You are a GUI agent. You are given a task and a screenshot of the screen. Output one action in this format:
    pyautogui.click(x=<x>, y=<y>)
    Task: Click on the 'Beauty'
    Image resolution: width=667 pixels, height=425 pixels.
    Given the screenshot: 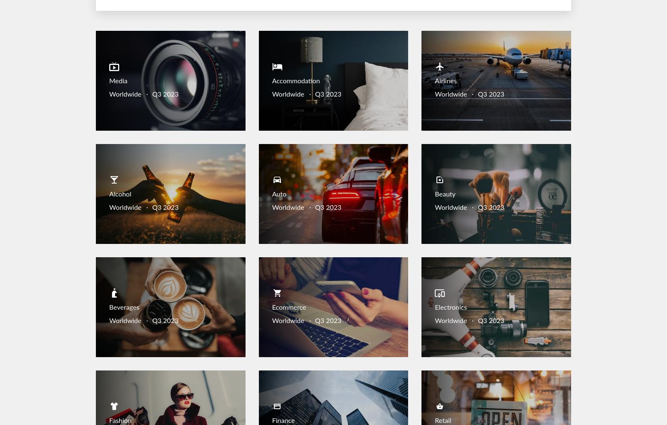 What is the action you would take?
    pyautogui.click(x=445, y=194)
    